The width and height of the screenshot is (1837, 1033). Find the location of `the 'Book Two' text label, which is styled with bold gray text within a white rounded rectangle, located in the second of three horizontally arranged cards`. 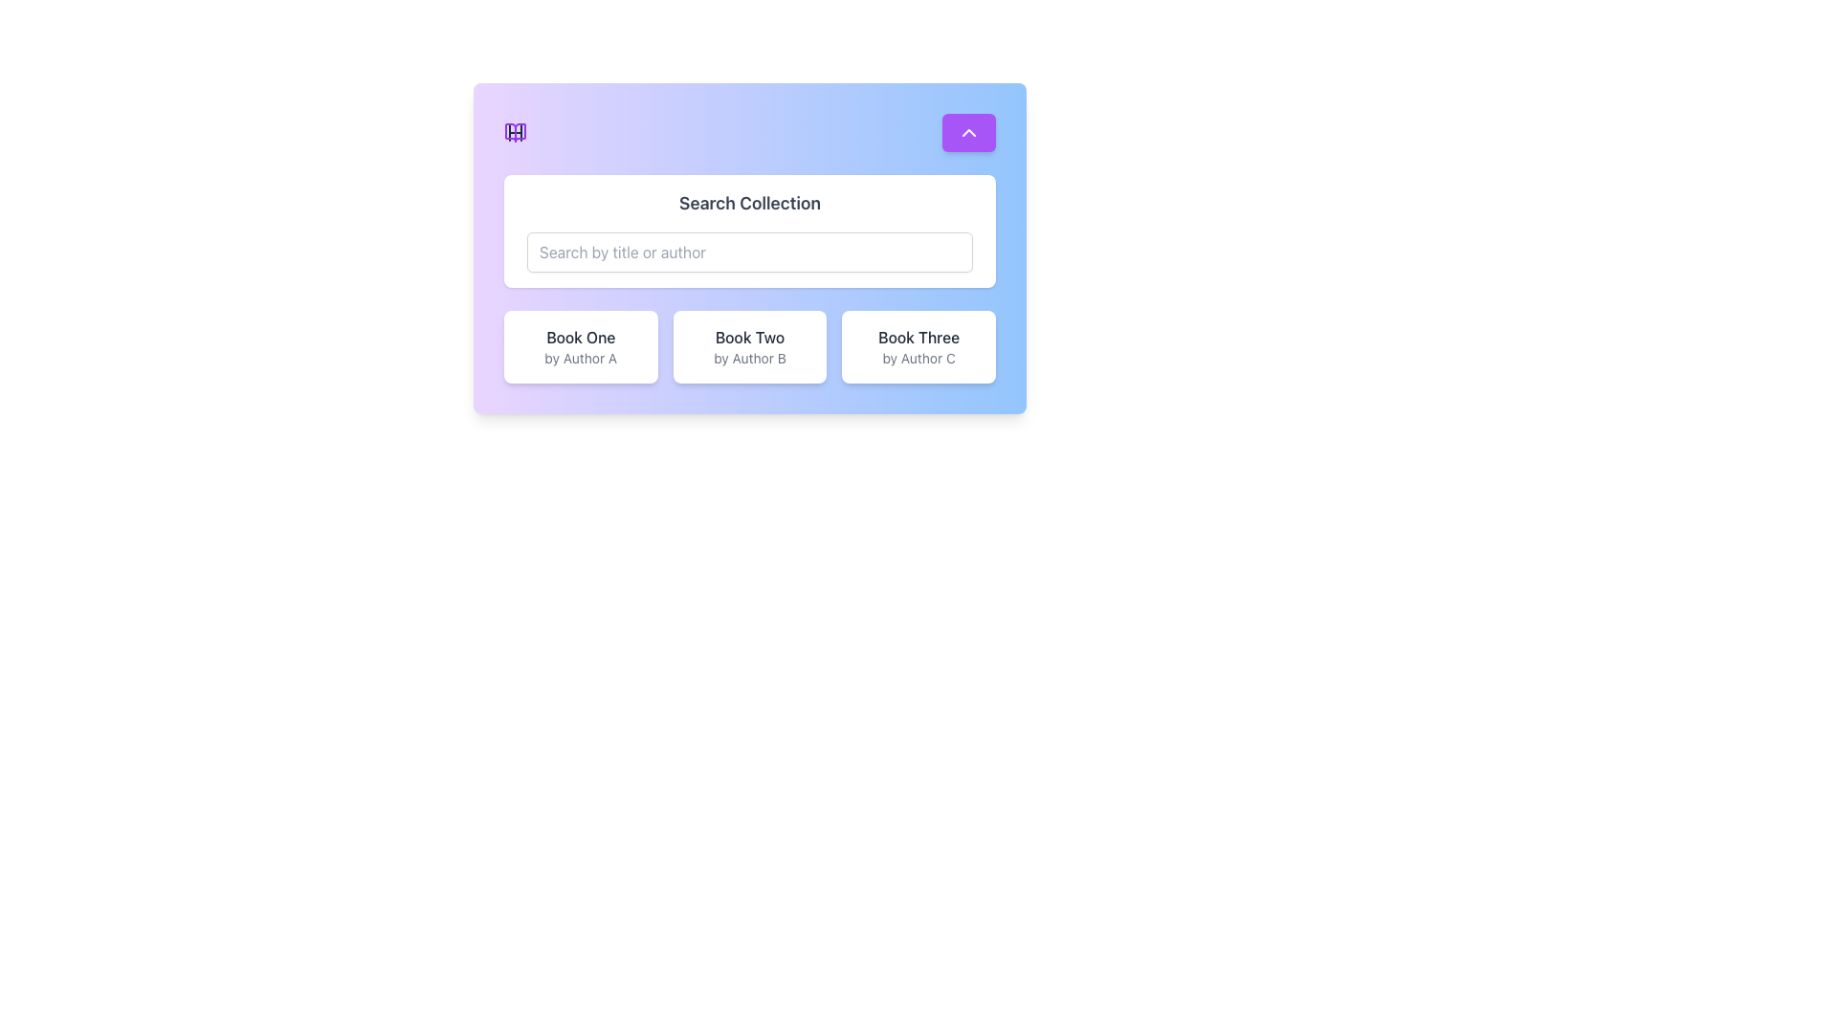

the 'Book Two' text label, which is styled with bold gray text within a white rounded rectangle, located in the second of three horizontally arranged cards is located at coordinates (748, 337).